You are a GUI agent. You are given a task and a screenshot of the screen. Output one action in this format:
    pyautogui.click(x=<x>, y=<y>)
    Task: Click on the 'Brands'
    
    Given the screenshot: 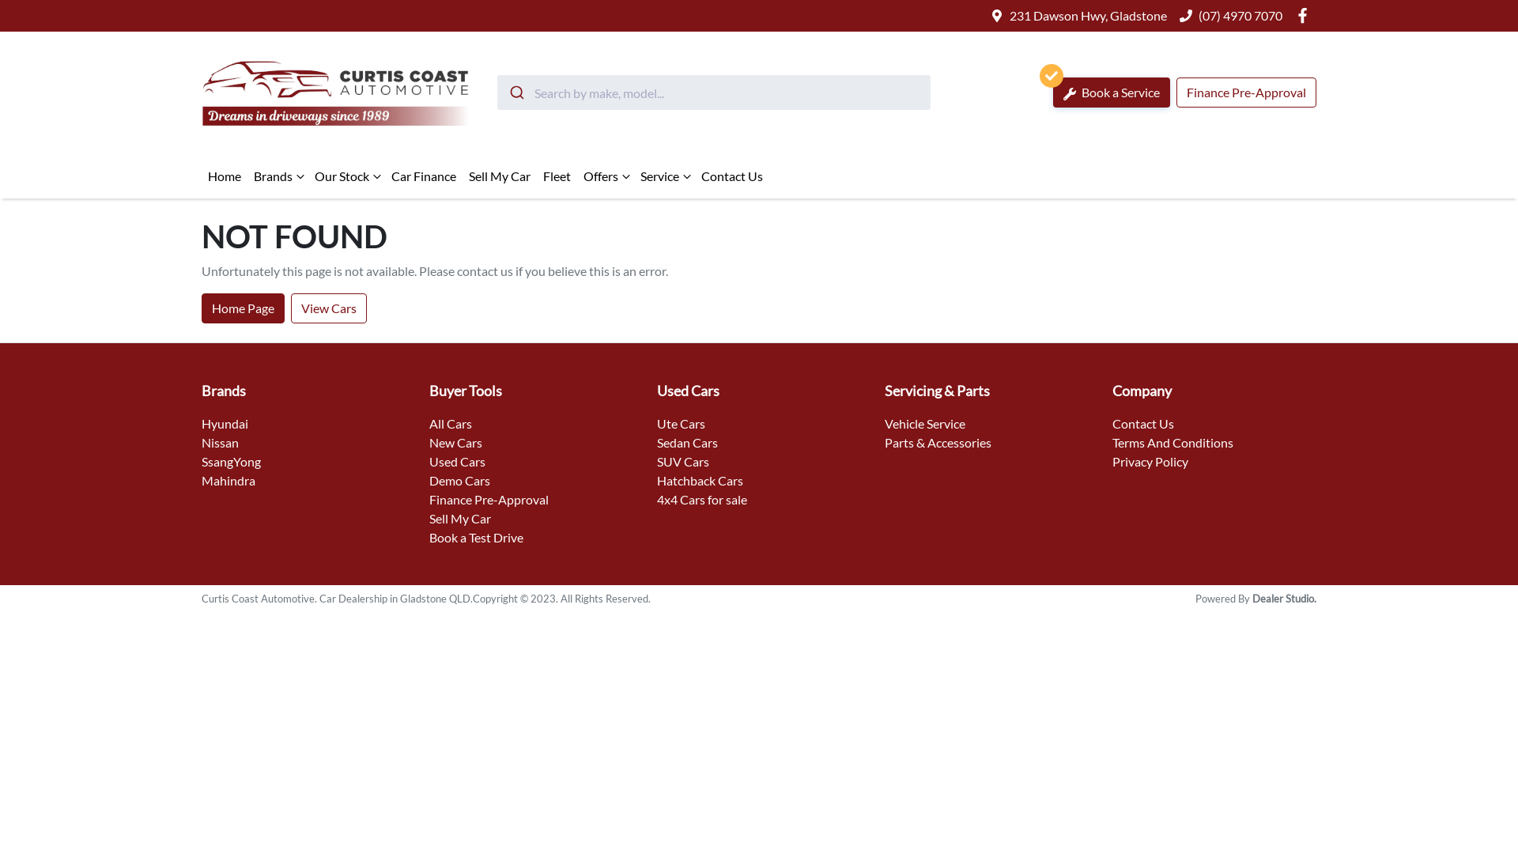 What is the action you would take?
    pyautogui.click(x=246, y=176)
    